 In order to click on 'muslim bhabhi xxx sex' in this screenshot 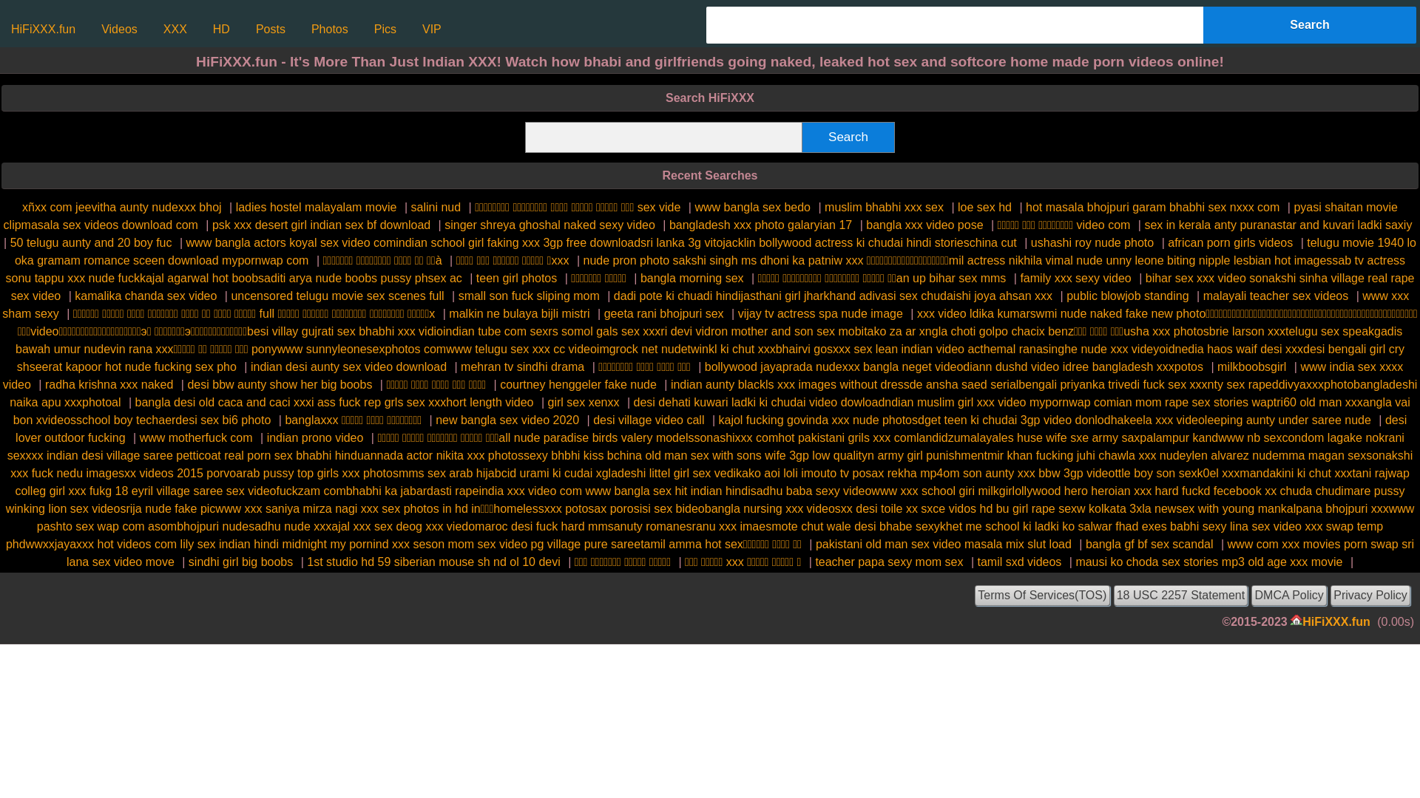, I will do `click(884, 207)`.